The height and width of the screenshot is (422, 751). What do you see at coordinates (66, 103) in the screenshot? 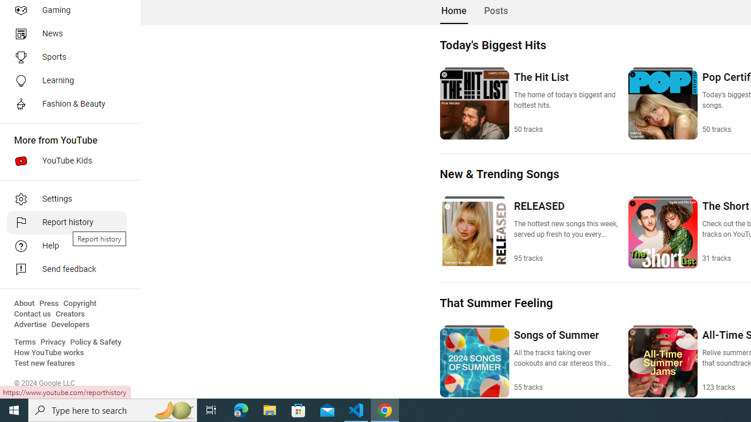
I see `'Fashion & Beauty'` at bounding box center [66, 103].